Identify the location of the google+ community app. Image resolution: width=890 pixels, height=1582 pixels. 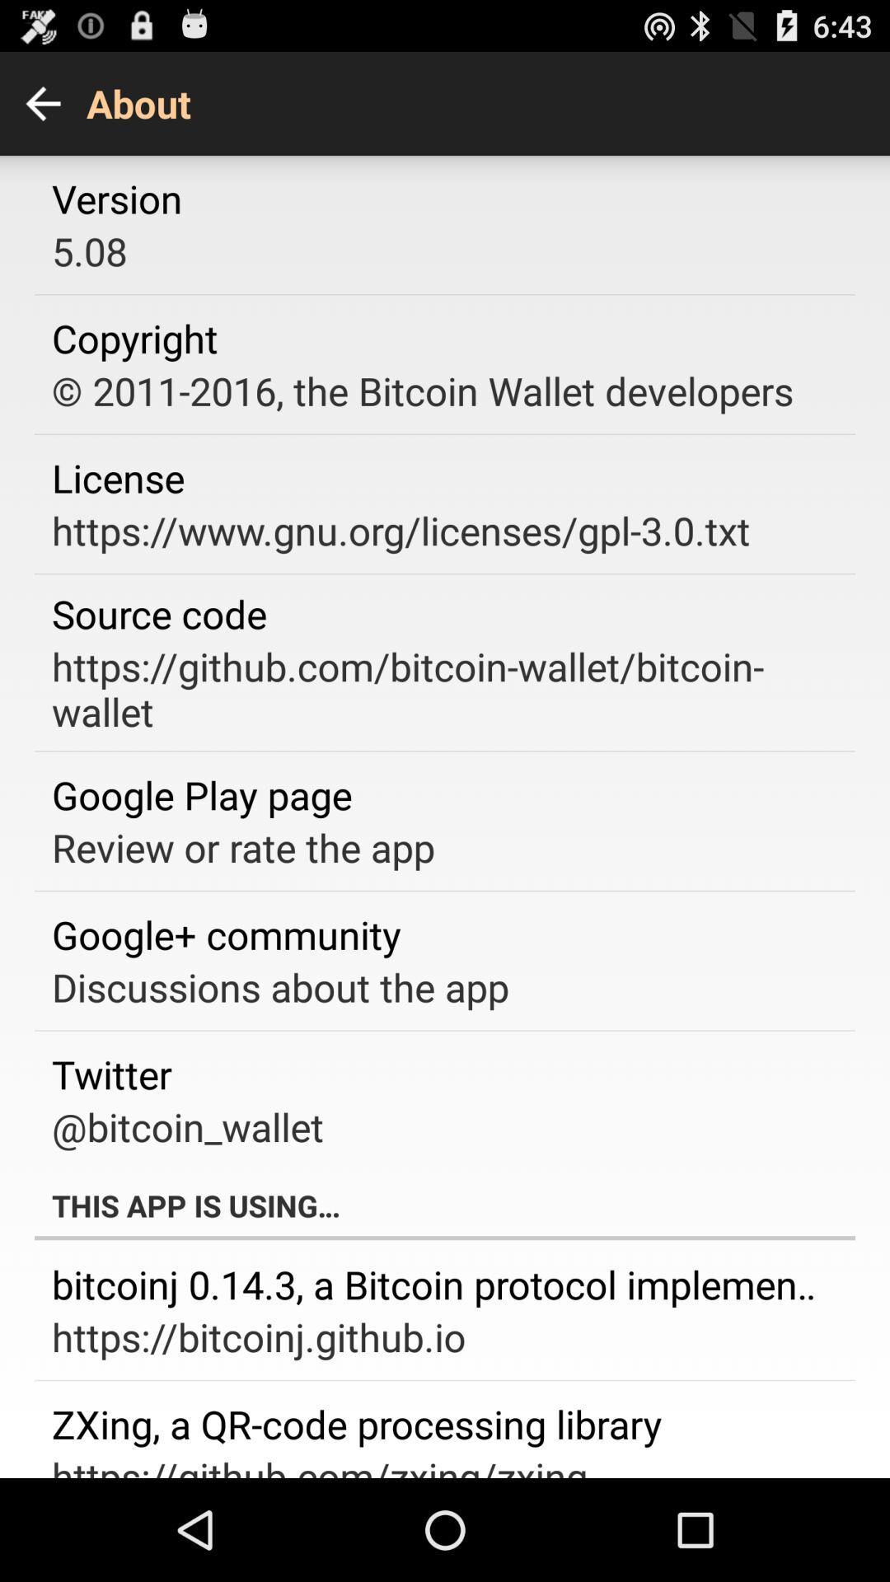
(226, 934).